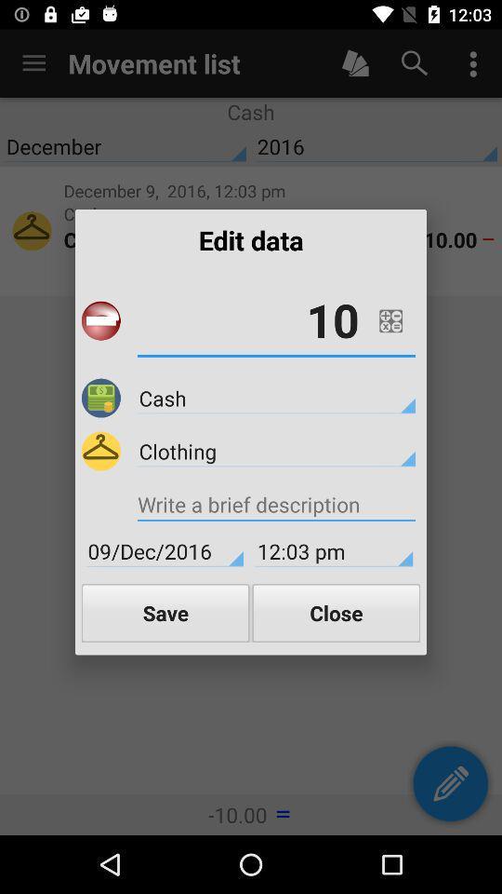 The height and width of the screenshot is (894, 502). Describe the element at coordinates (390, 320) in the screenshot. I see `edit number` at that location.